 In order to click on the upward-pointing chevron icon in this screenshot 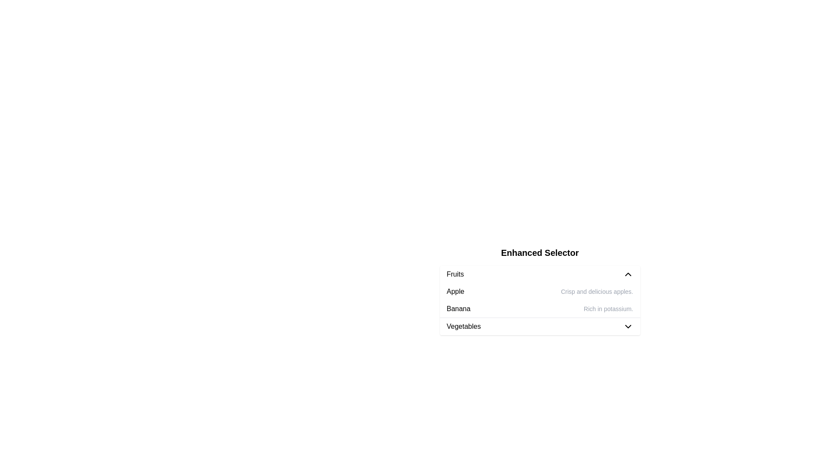, I will do `click(628, 274)`.